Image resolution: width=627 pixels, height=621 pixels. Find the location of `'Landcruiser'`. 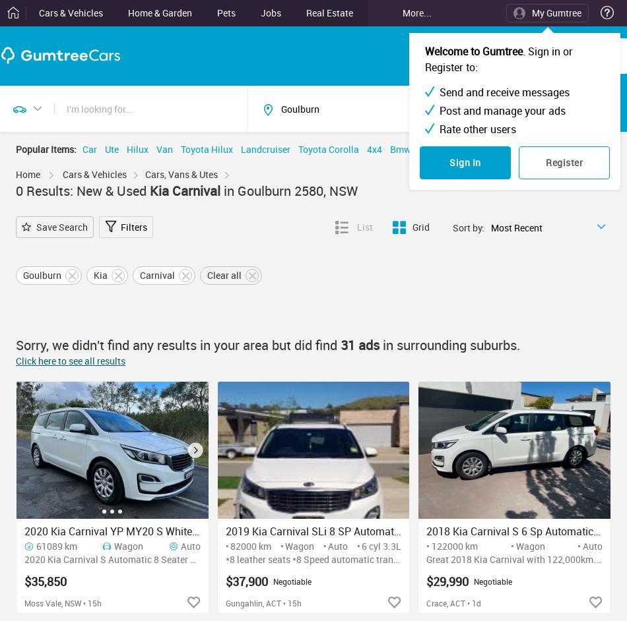

'Landcruiser' is located at coordinates (265, 149).